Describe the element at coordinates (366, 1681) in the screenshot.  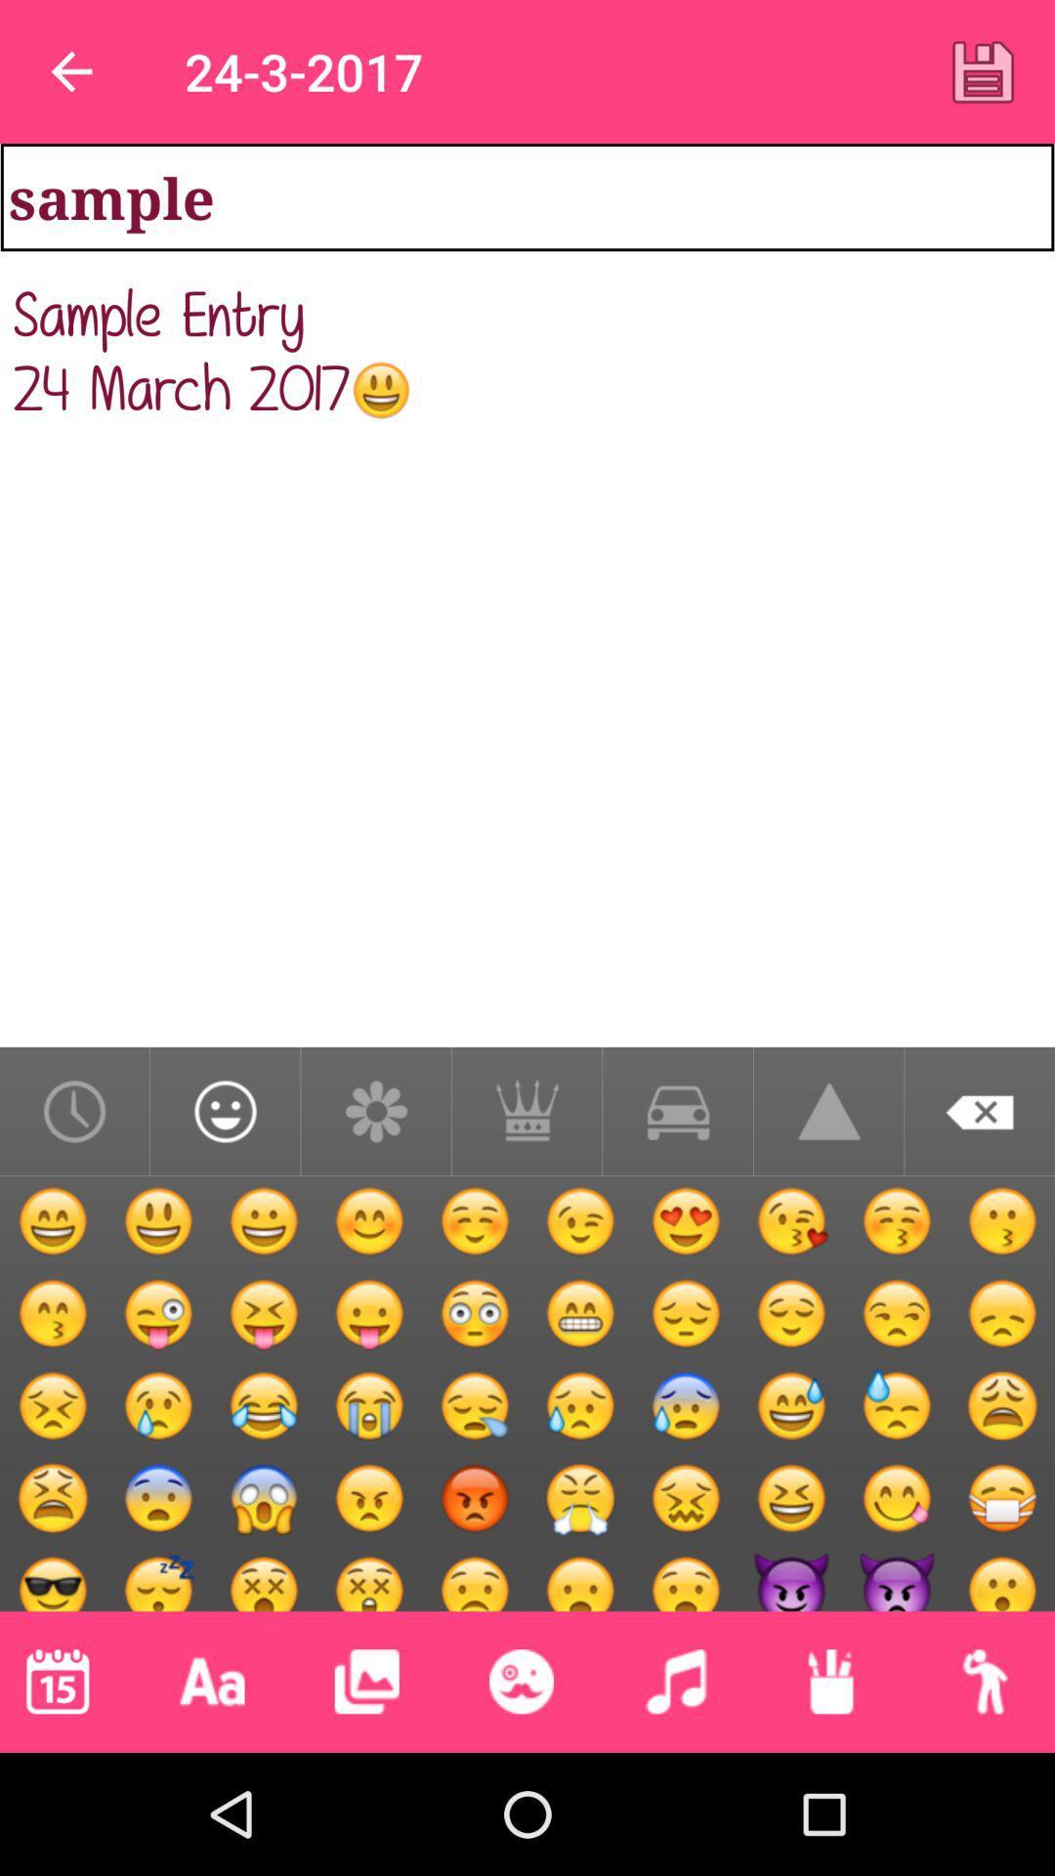
I see `the wallpaper icon` at that location.